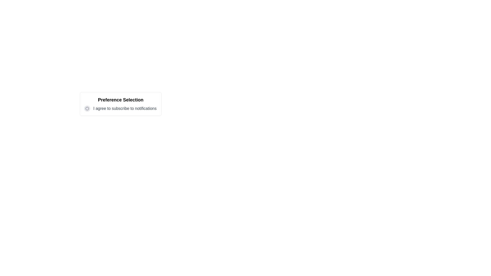 Image resolution: width=491 pixels, height=276 pixels. Describe the element at coordinates (87, 108) in the screenshot. I see `the radio button for the subscription agreement option located to the left of the text 'I agree to subscribe to notifications'` at that location.